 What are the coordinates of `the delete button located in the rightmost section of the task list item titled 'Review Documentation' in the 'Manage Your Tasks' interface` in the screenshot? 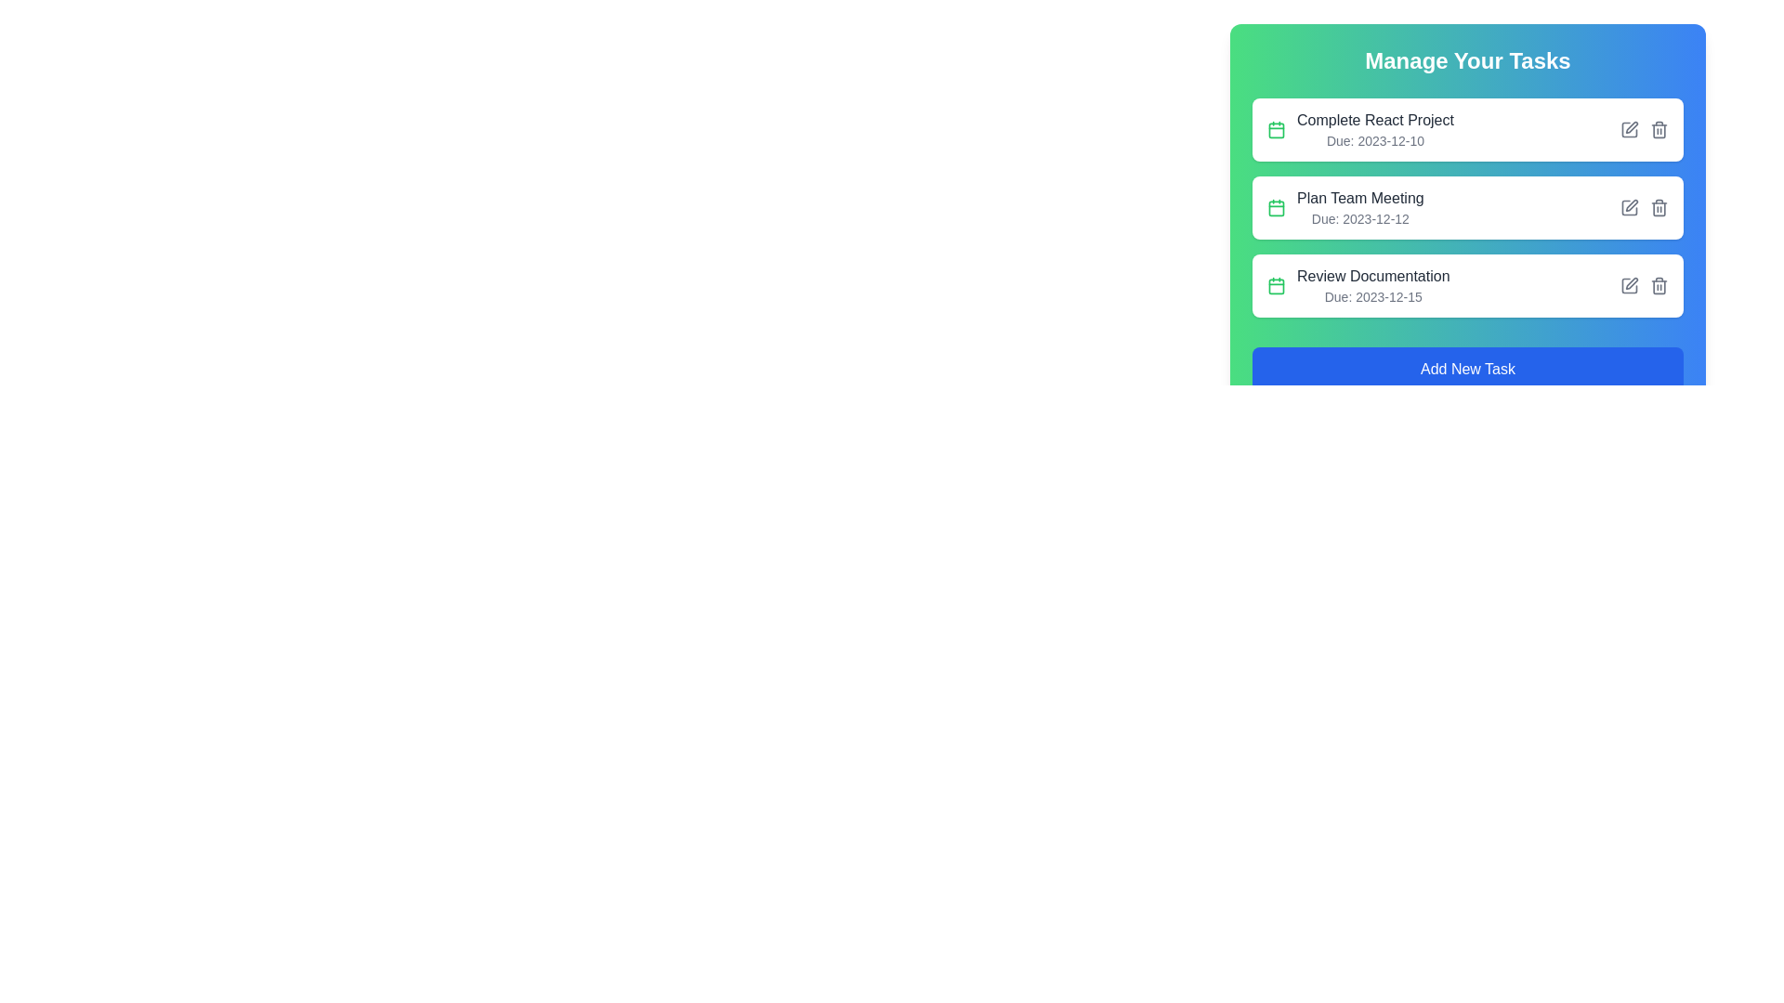 It's located at (1659, 286).